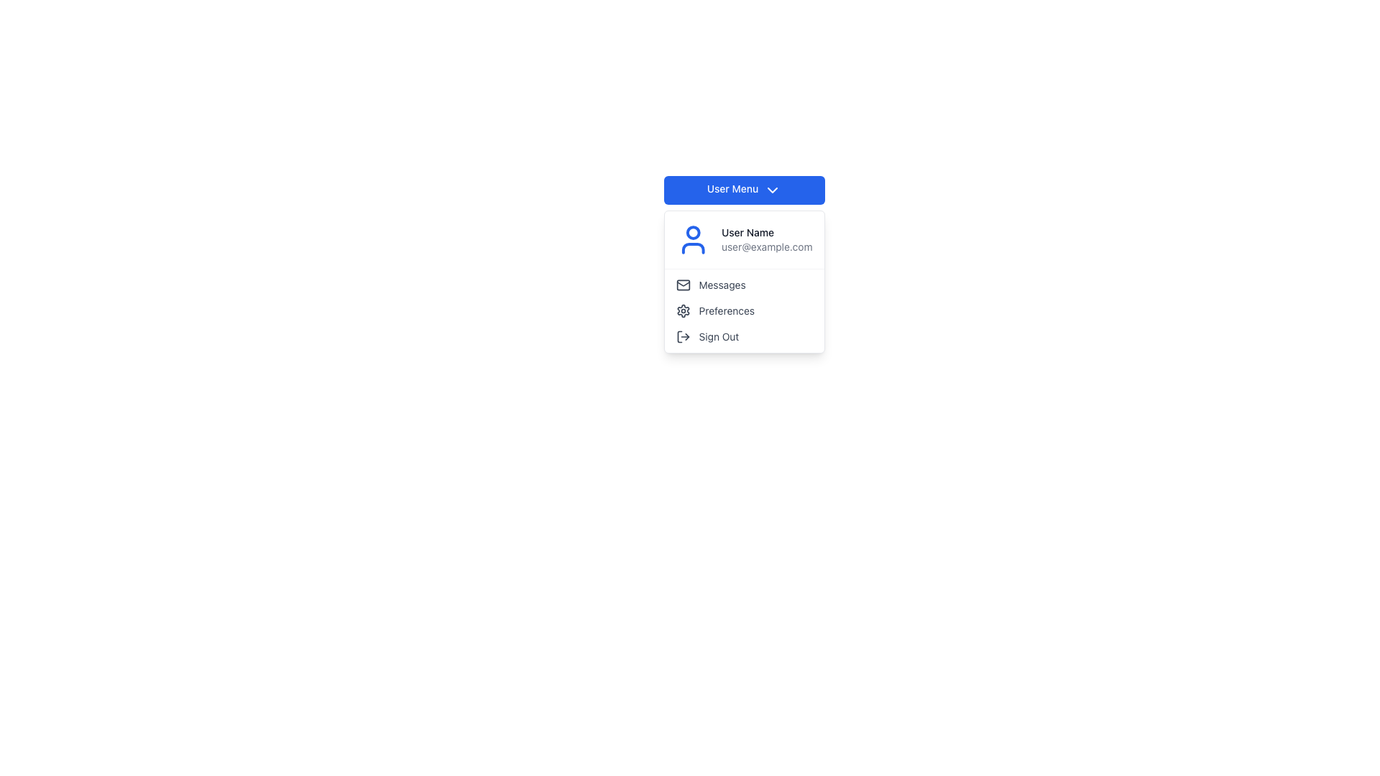 This screenshot has height=776, width=1380. I want to click on the 'Messages' menu item, so click(682, 284).